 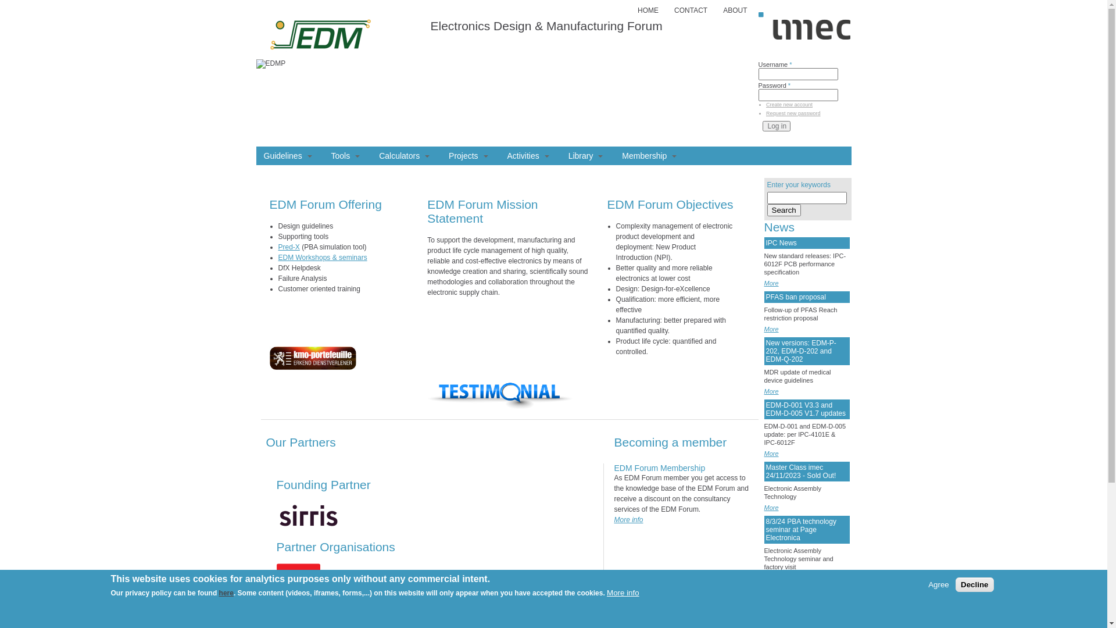 I want to click on 'CONTACT', so click(x=674, y=10).